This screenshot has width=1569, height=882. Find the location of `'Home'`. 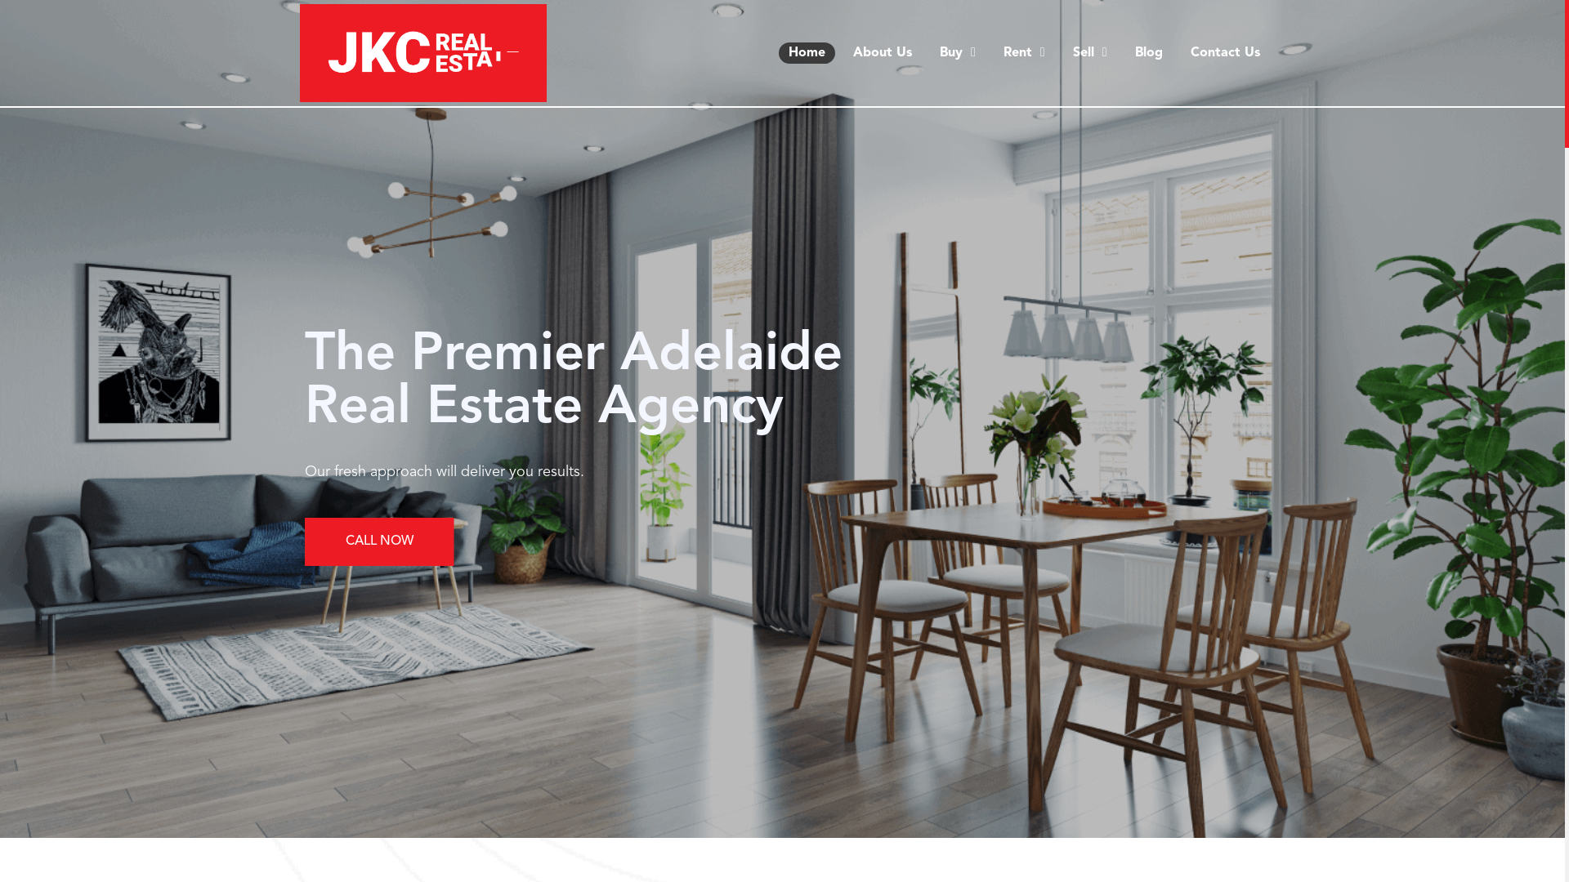

'Home' is located at coordinates (807, 52).